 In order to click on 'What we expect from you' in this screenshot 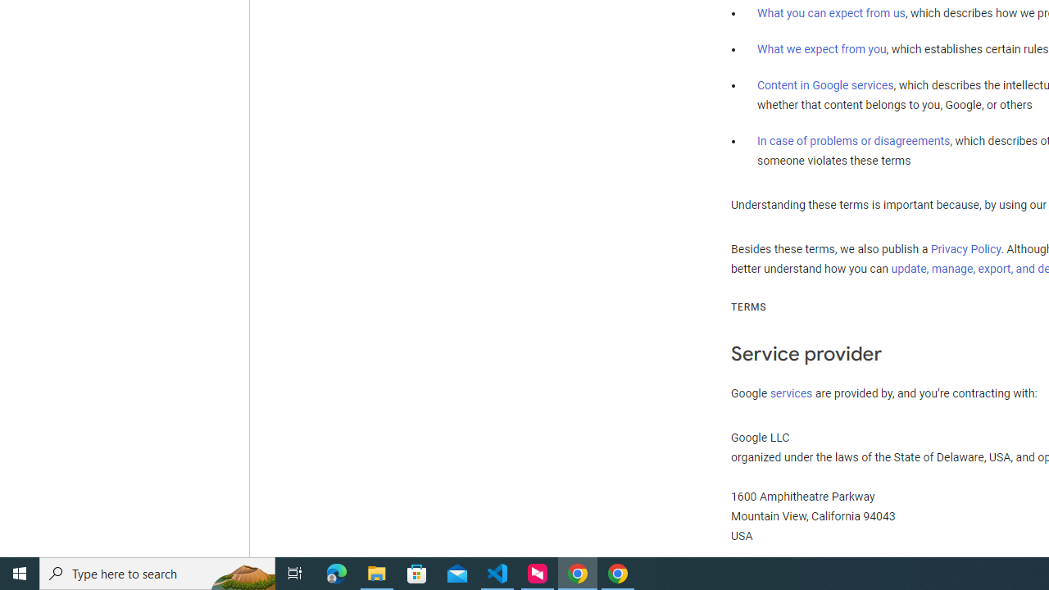, I will do `click(821, 48)`.